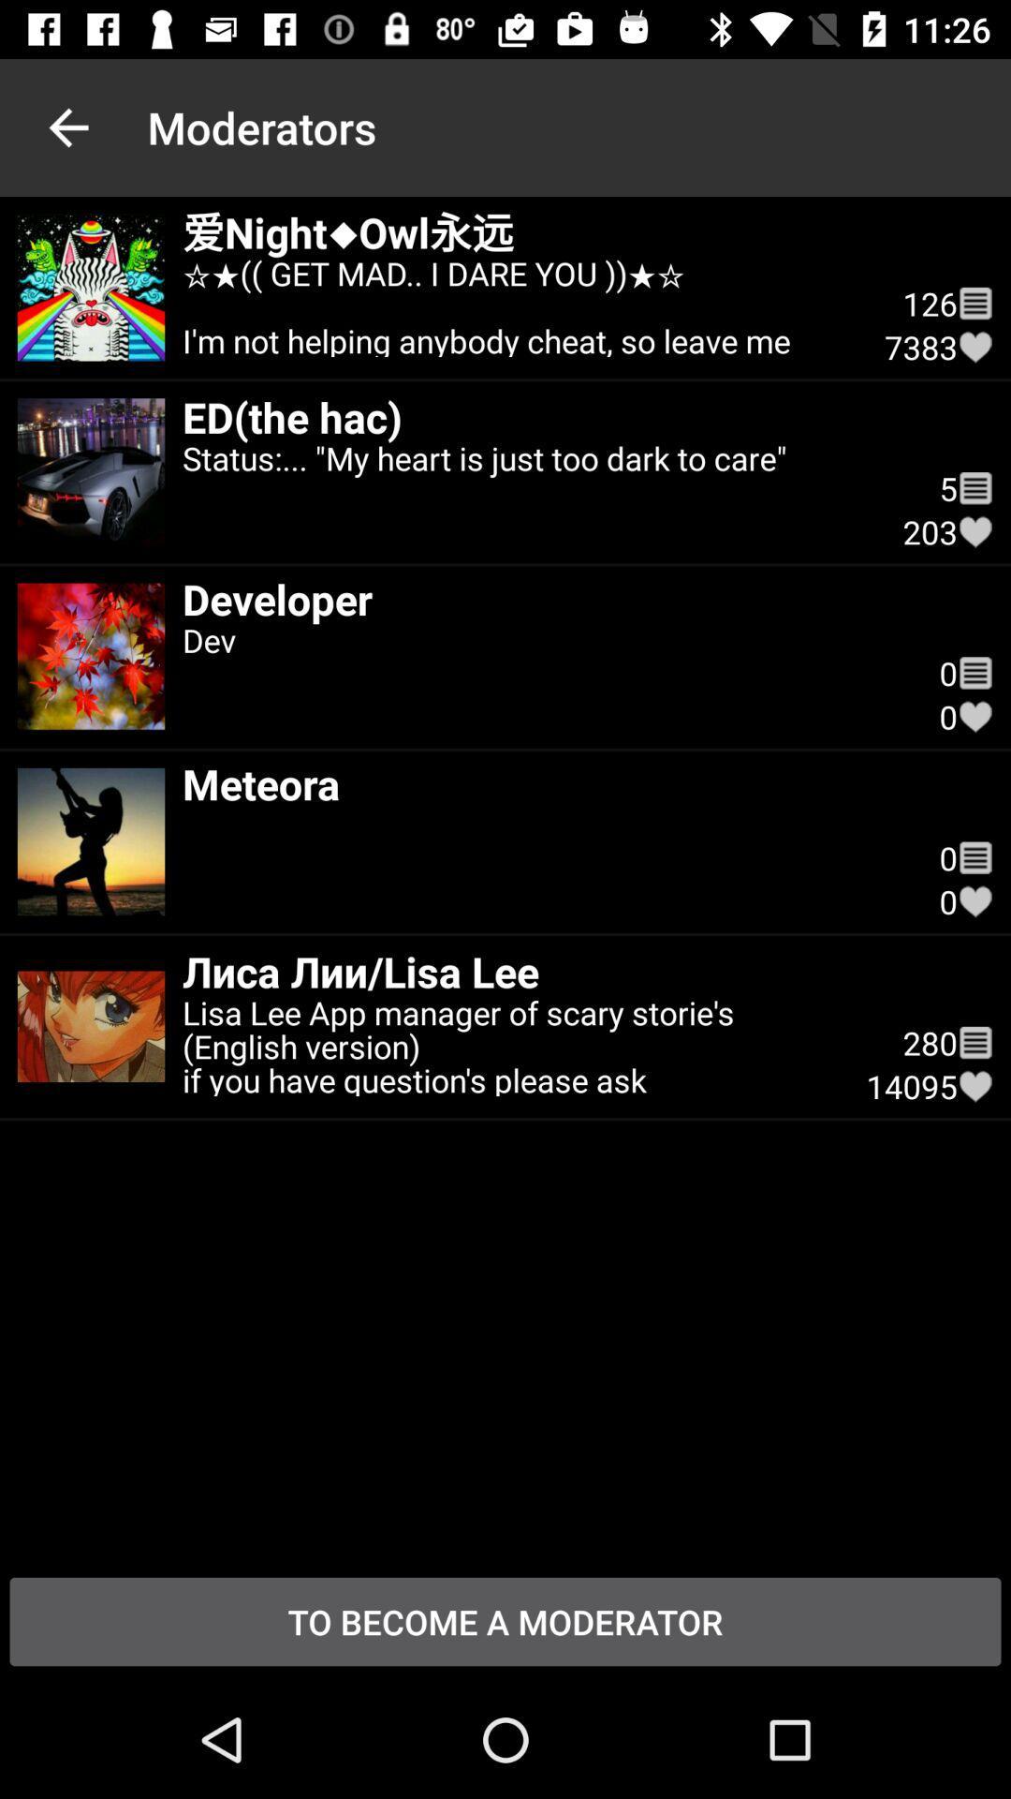  I want to click on the icon above 7383, so click(974, 304).